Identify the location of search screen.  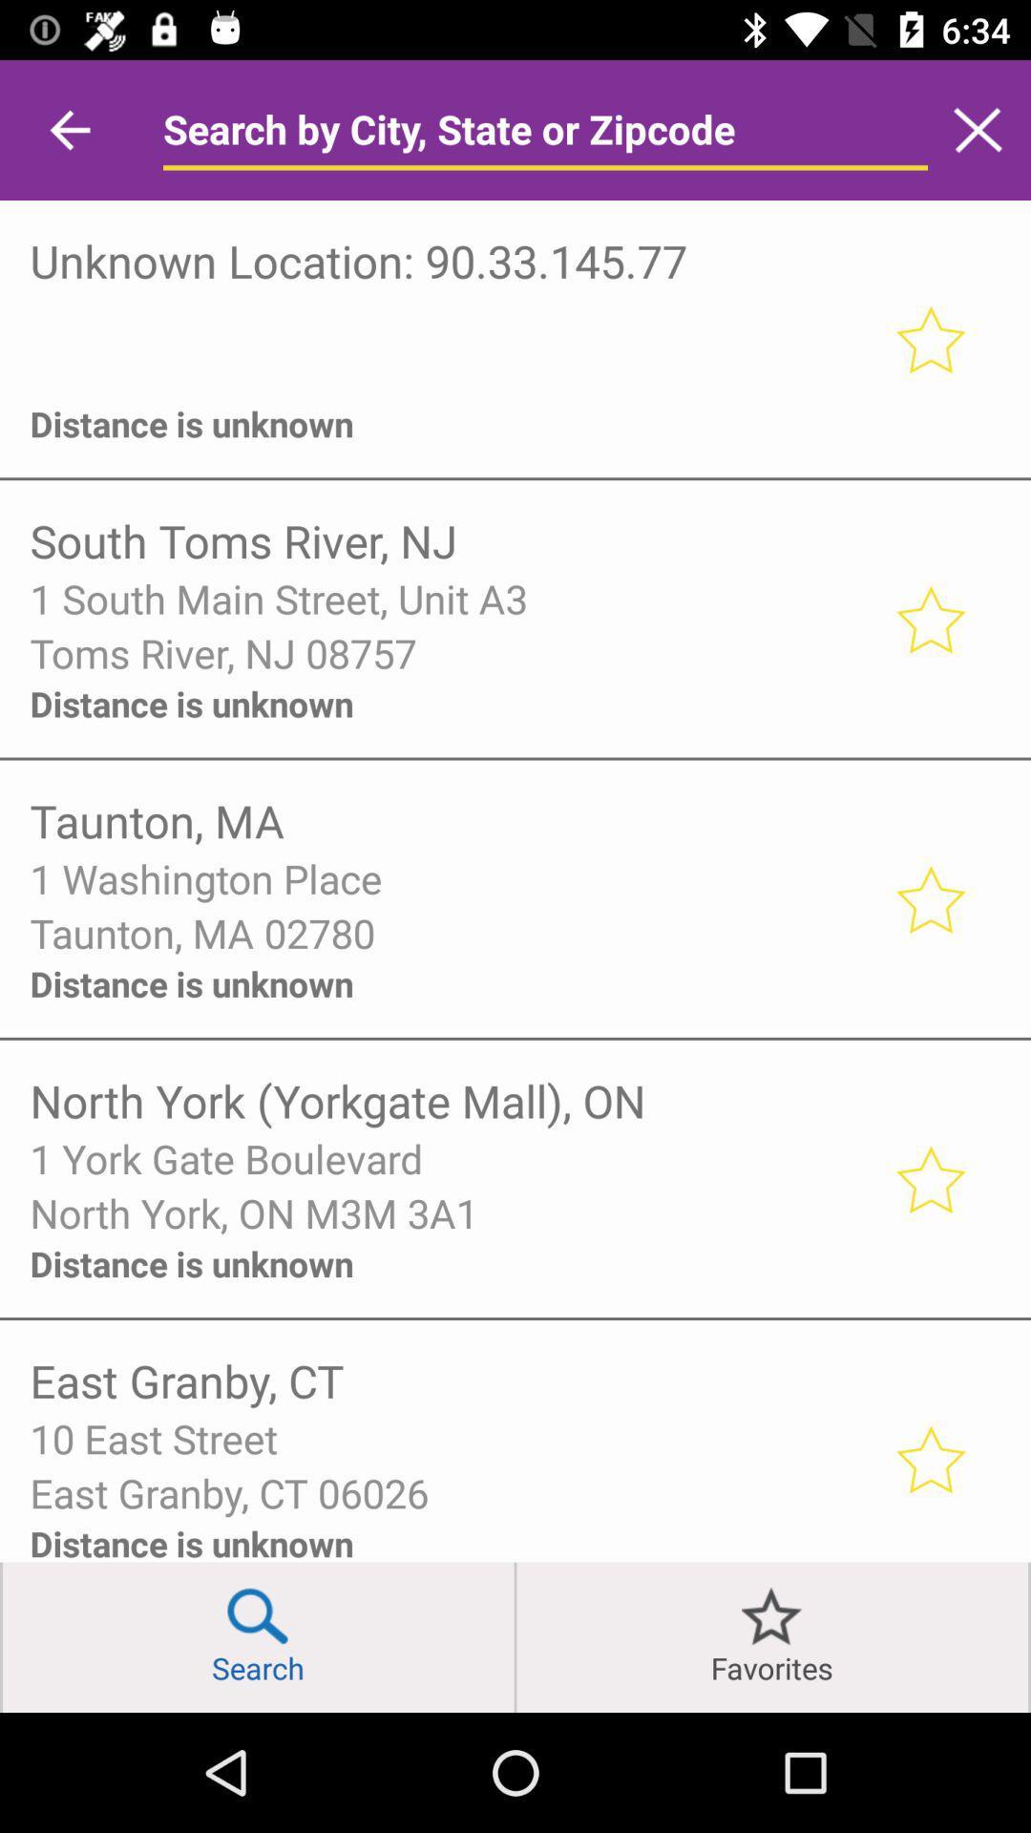
(978, 129).